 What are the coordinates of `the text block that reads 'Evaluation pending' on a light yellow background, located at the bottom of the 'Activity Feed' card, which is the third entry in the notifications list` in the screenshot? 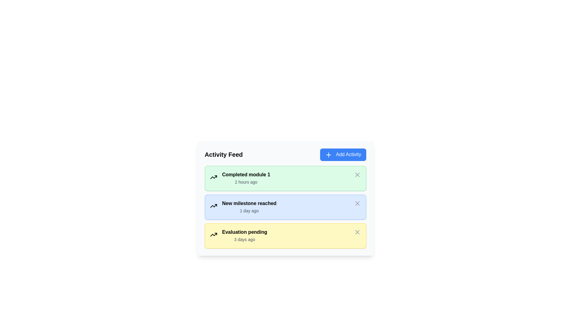 It's located at (245, 235).